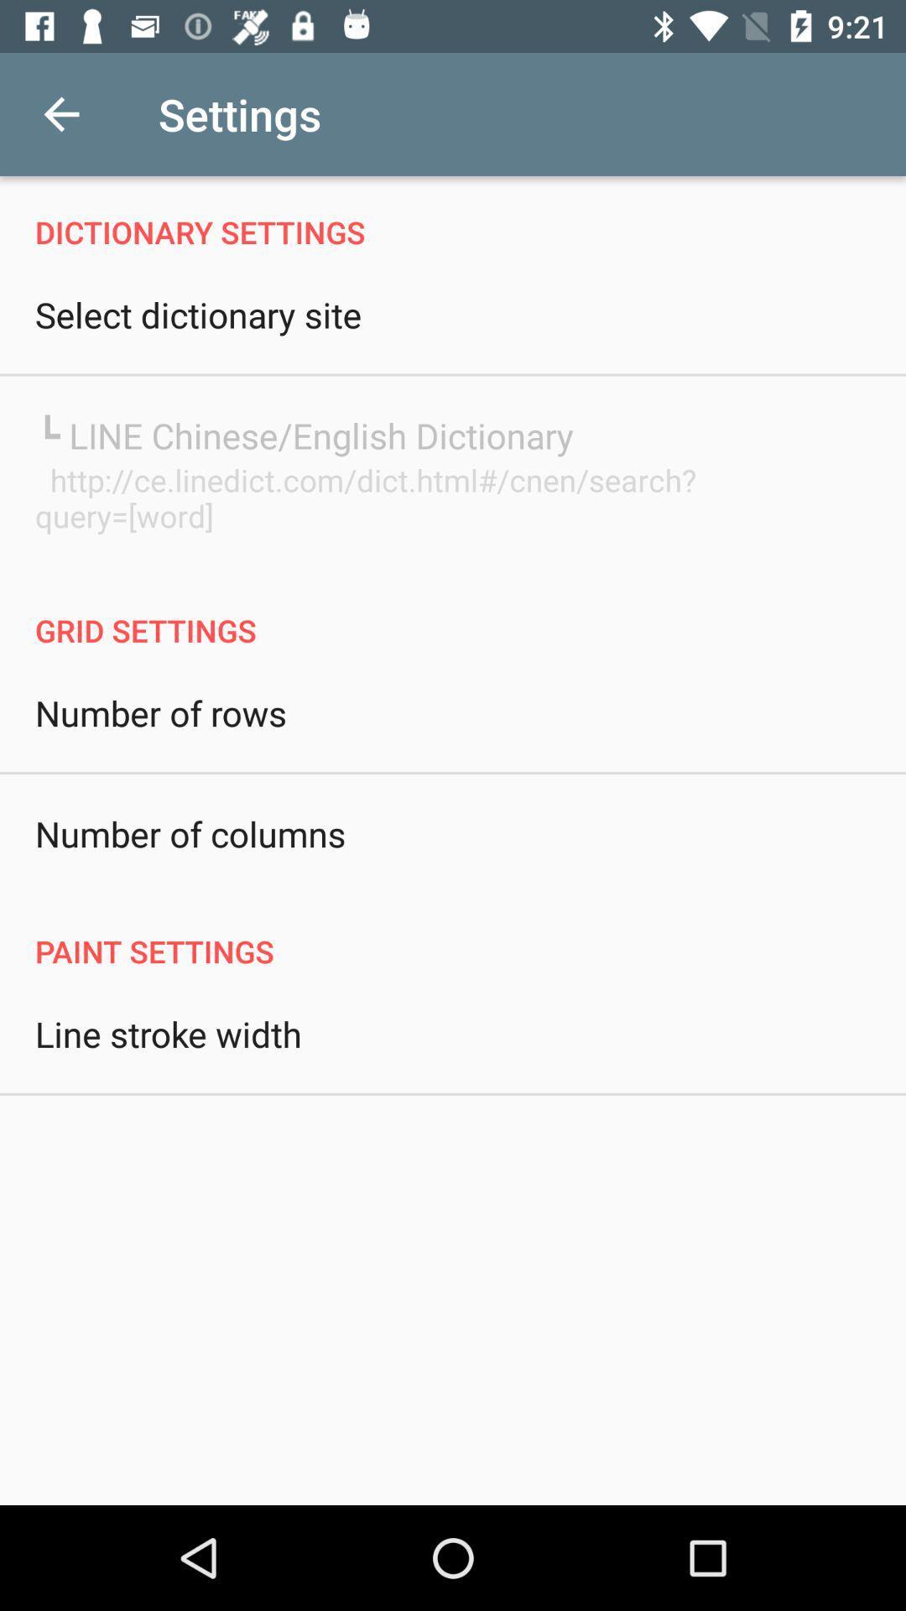  Describe the element at coordinates (197, 314) in the screenshot. I see `the icon above line chinese english item` at that location.